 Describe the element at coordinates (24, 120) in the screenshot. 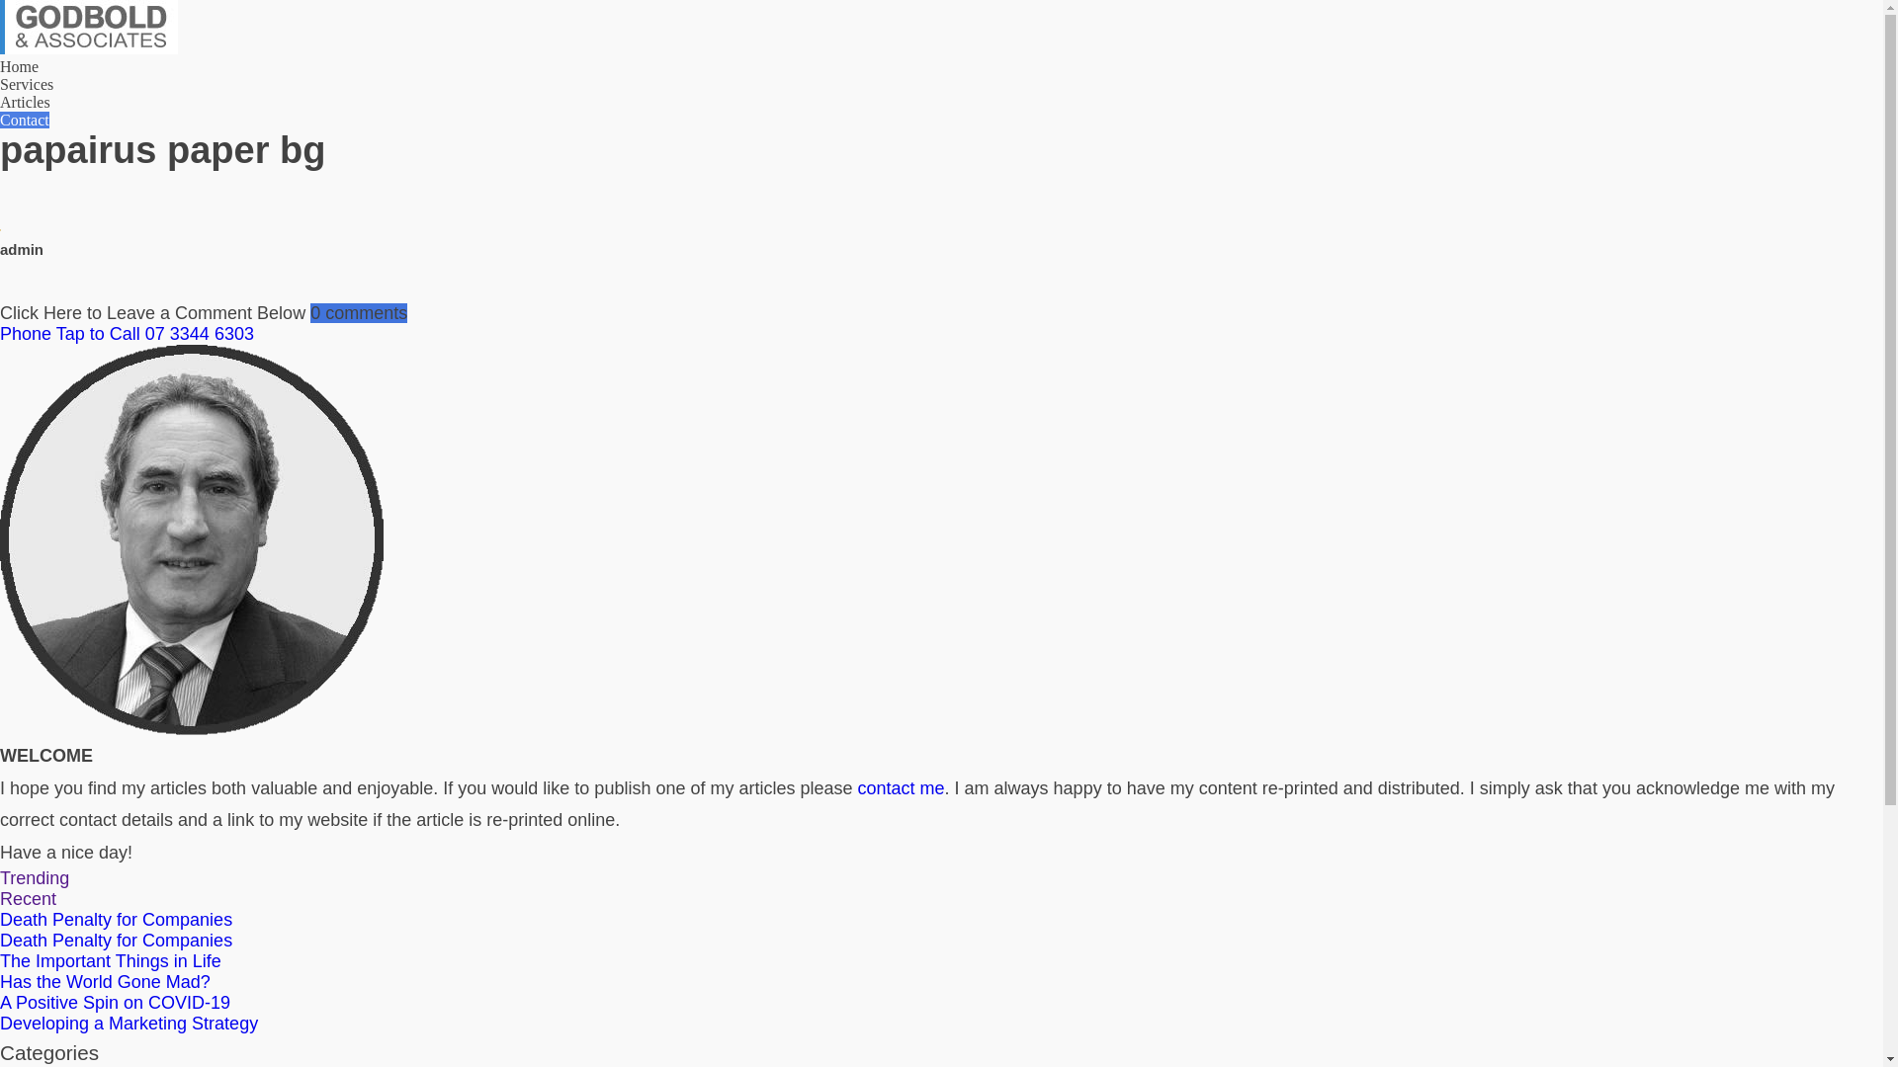

I see `'Contact'` at that location.